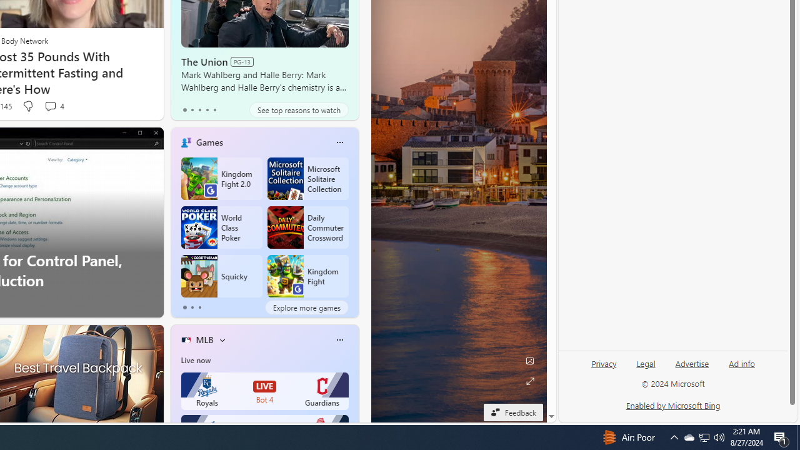 Image resolution: width=800 pixels, height=450 pixels. I want to click on 'Privacy', so click(604, 364).